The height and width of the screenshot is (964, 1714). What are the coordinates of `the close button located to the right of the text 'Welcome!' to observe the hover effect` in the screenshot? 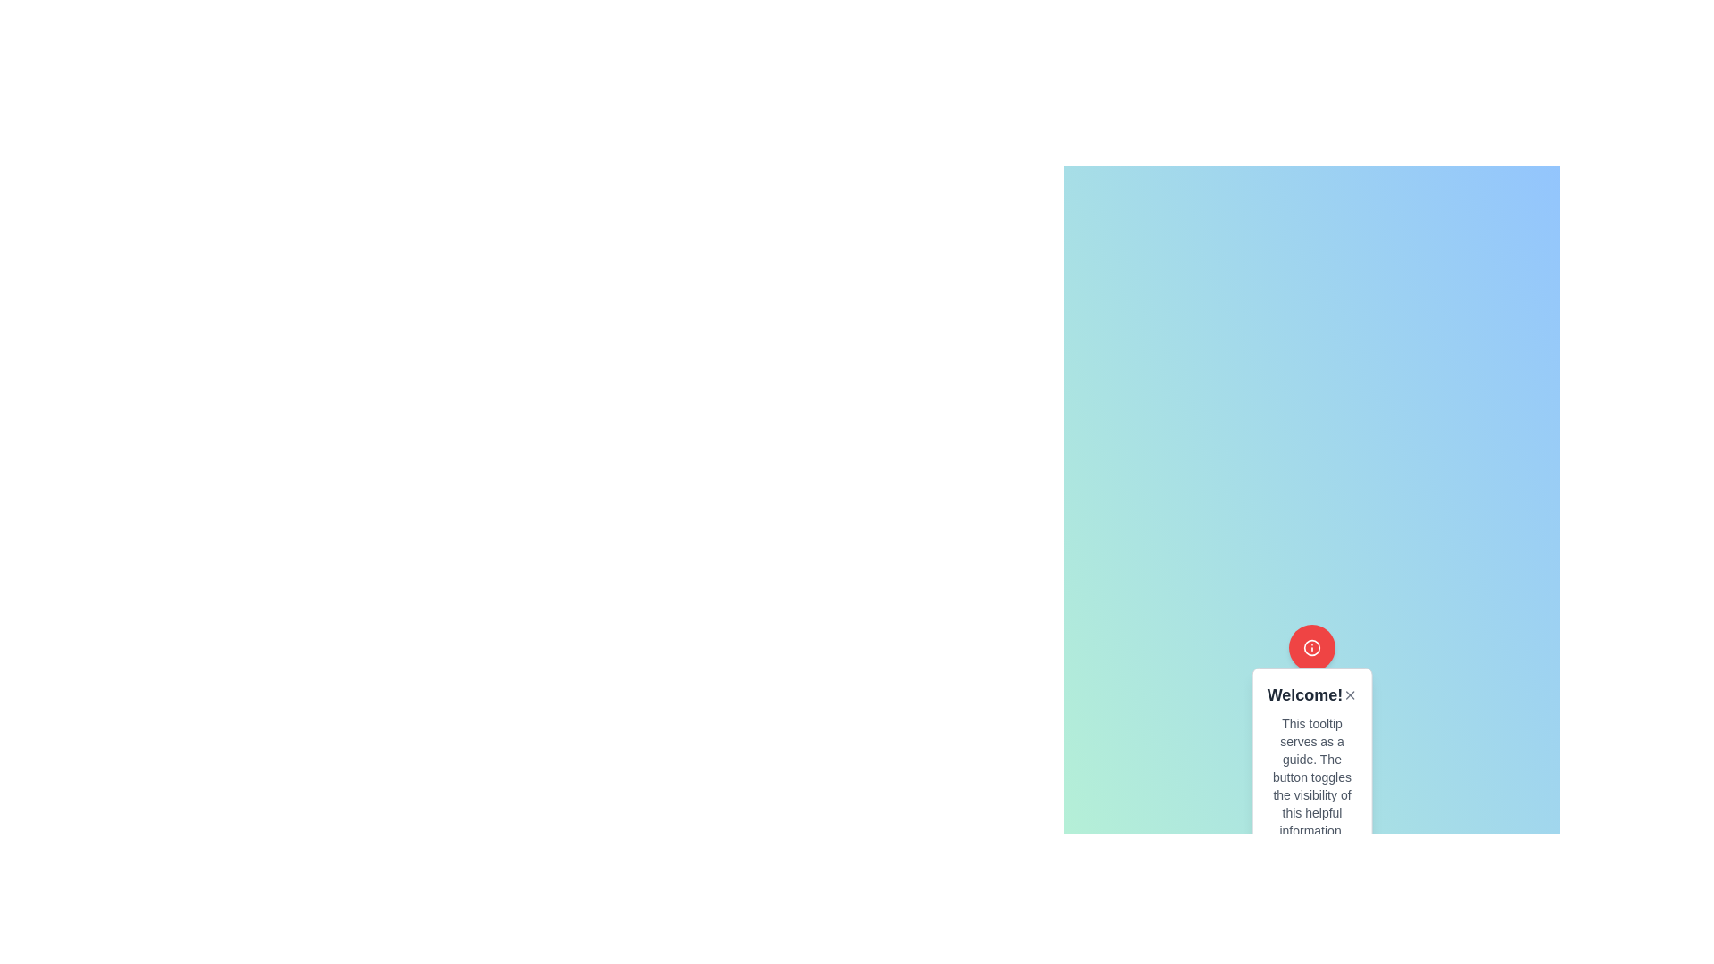 It's located at (1350, 694).